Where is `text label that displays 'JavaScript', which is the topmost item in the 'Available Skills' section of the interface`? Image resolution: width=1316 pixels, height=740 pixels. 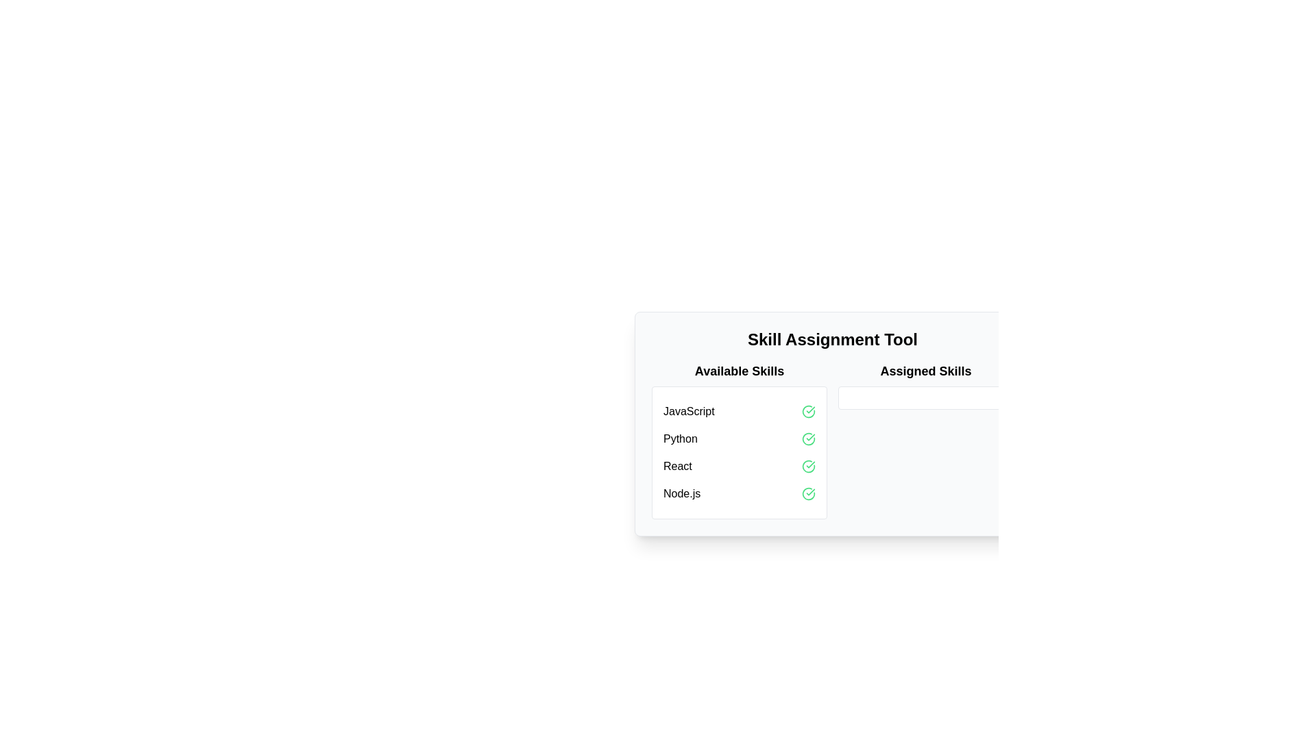
text label that displays 'JavaScript', which is the topmost item in the 'Available Skills' section of the interface is located at coordinates (689, 411).